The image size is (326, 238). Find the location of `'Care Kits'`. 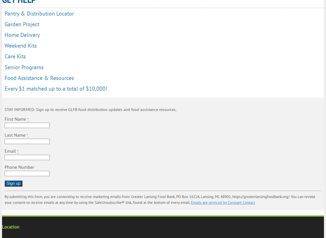

'Care Kits' is located at coordinates (15, 56).